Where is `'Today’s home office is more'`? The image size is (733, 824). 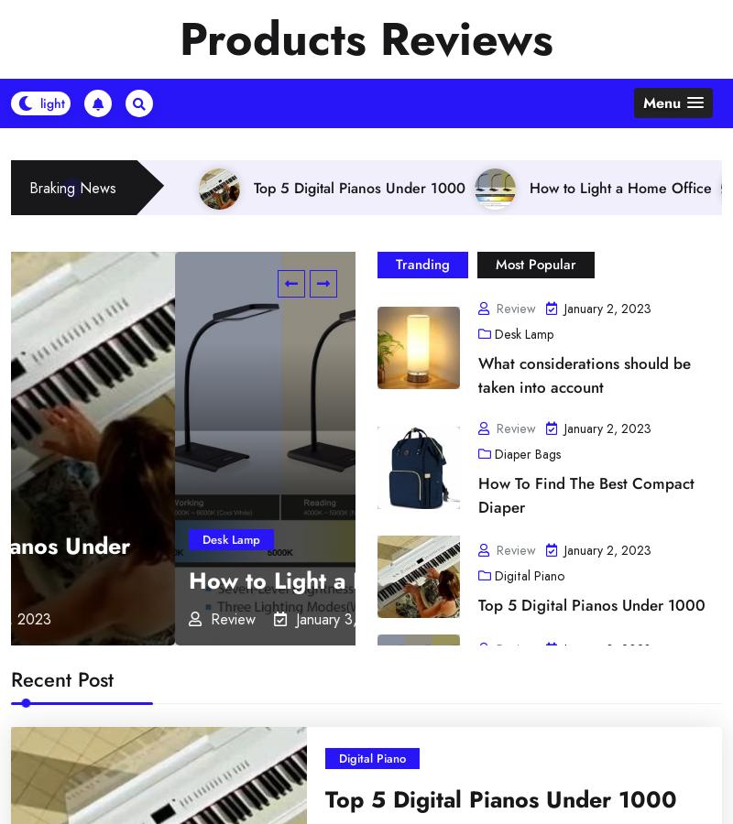
'Today’s home office is more' is located at coordinates (411, 407).